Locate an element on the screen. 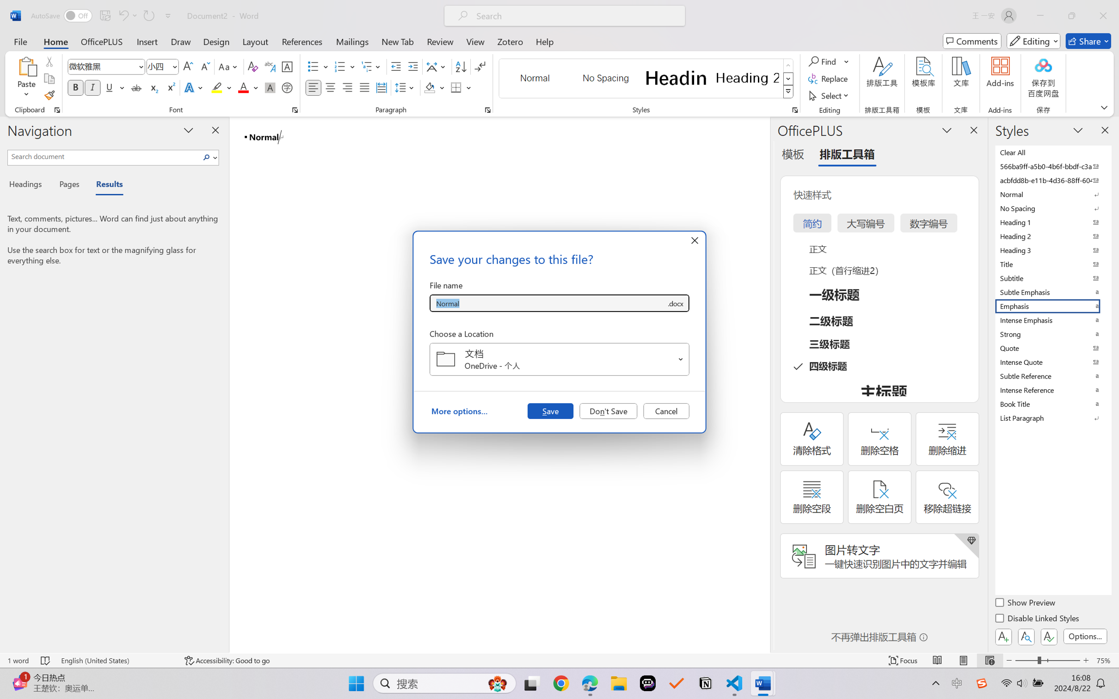 The image size is (1119, 699). 'Font Color' is located at coordinates (248, 87).